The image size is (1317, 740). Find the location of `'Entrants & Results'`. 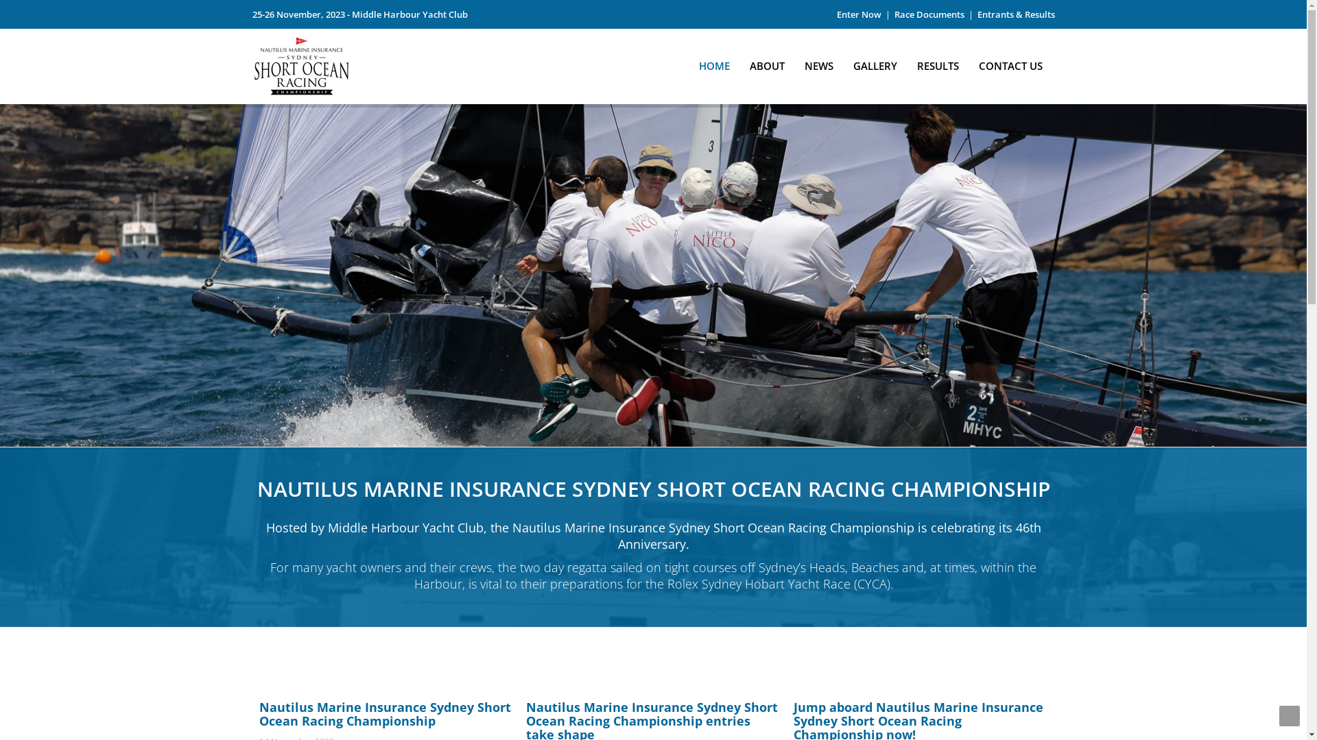

'Entrants & Results' is located at coordinates (1015, 14).